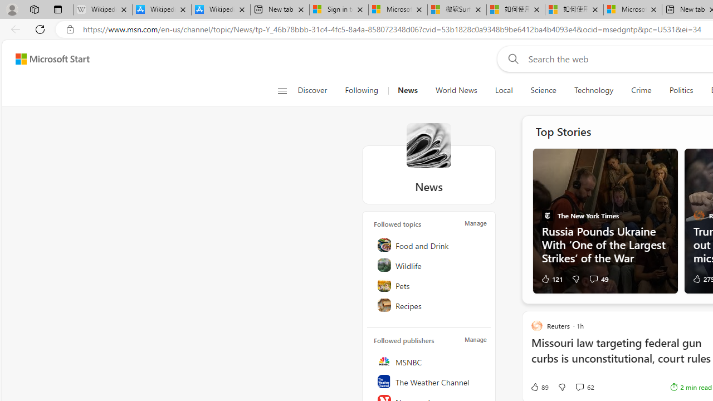 The width and height of the screenshot is (713, 401). Describe the element at coordinates (642, 90) in the screenshot. I see `'Crime'` at that location.